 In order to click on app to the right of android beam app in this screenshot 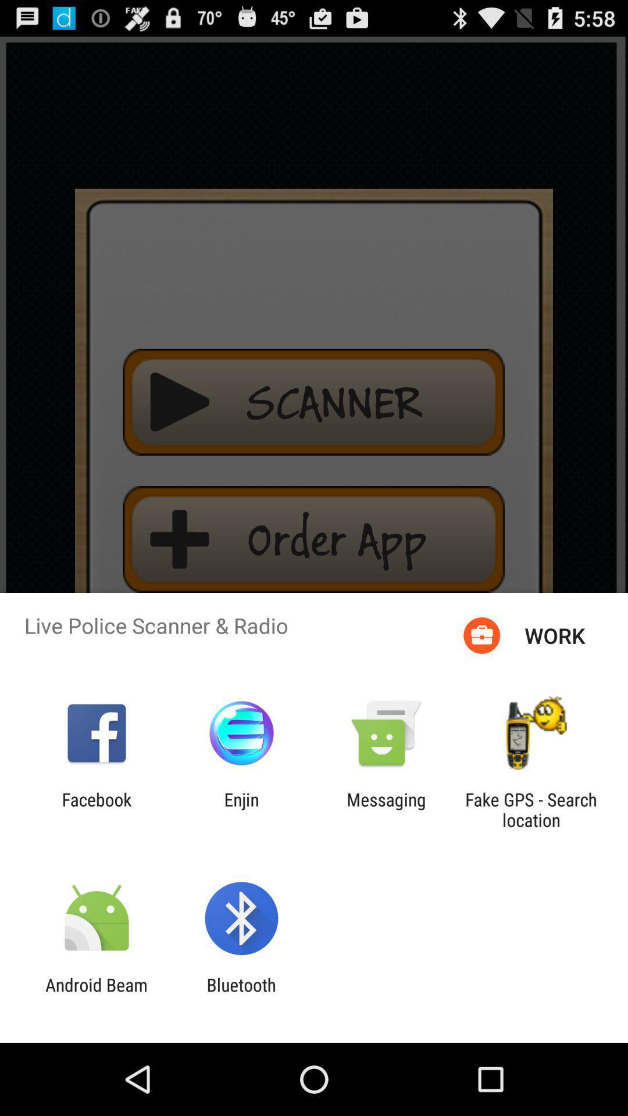, I will do `click(241, 995)`.